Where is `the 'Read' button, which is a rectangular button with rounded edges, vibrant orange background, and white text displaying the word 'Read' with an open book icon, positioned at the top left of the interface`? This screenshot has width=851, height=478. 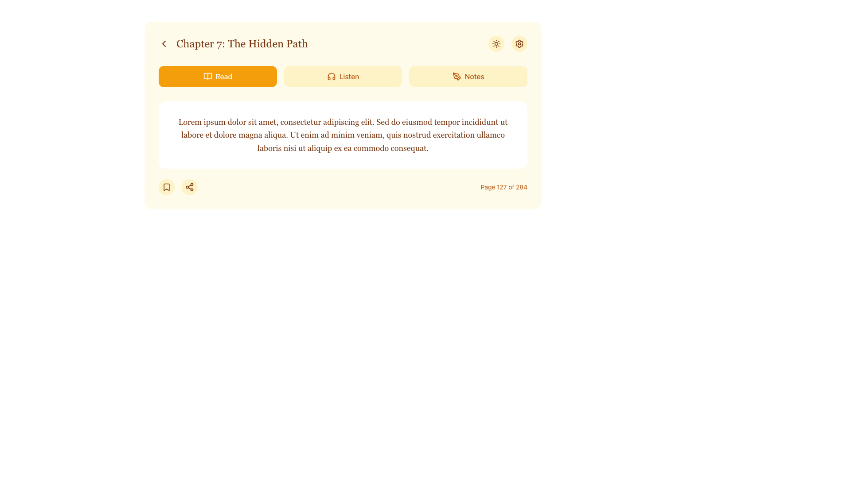 the 'Read' button, which is a rectangular button with rounded edges, vibrant orange background, and white text displaying the word 'Read' with an open book icon, positioned at the top left of the interface is located at coordinates (218, 76).